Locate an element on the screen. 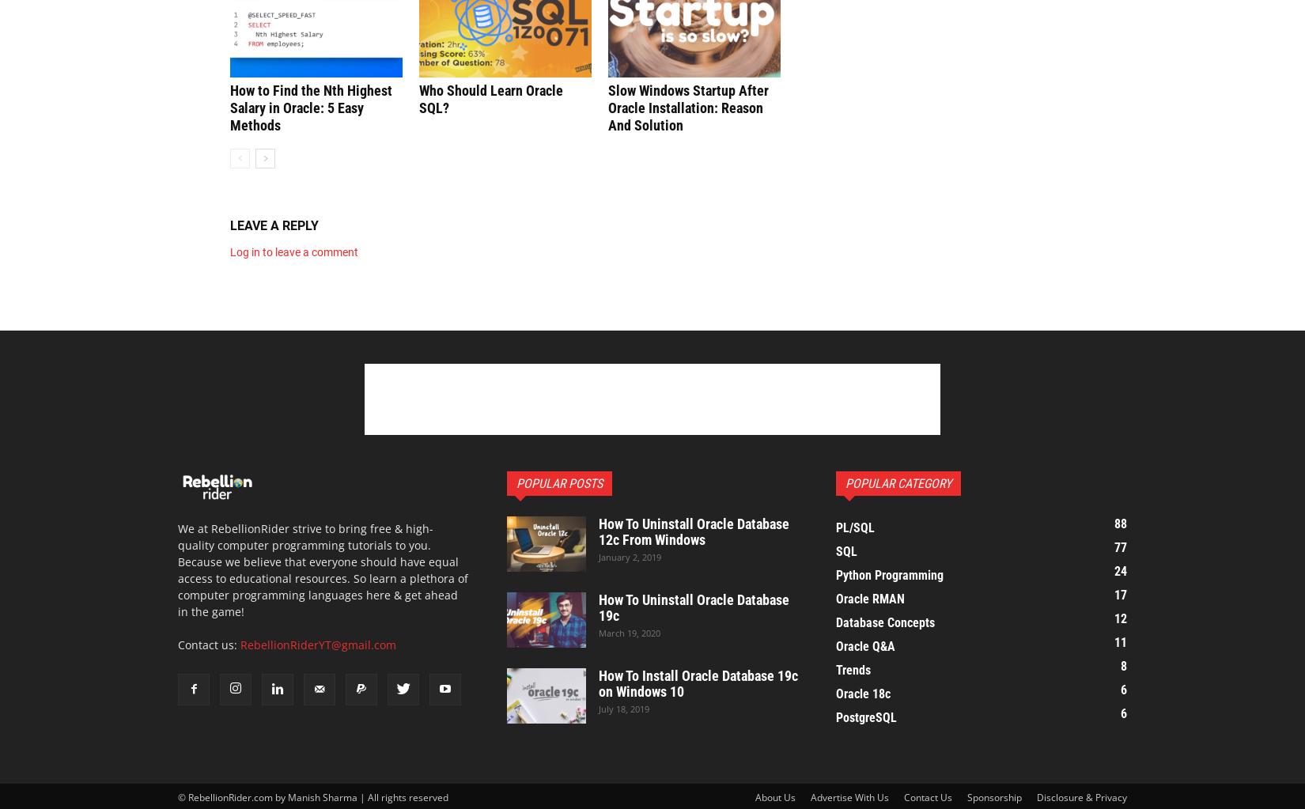 The height and width of the screenshot is (809, 1305). '12' is located at coordinates (1120, 617).